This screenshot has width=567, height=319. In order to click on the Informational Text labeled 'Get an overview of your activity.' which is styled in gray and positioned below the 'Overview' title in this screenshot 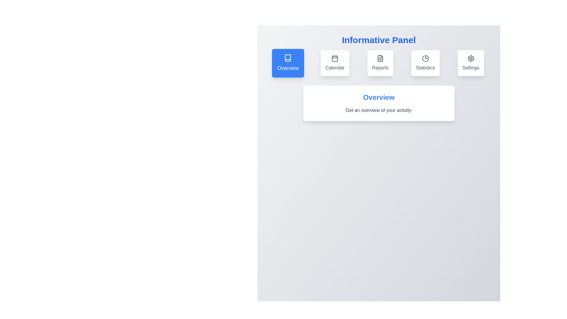, I will do `click(379, 110)`.